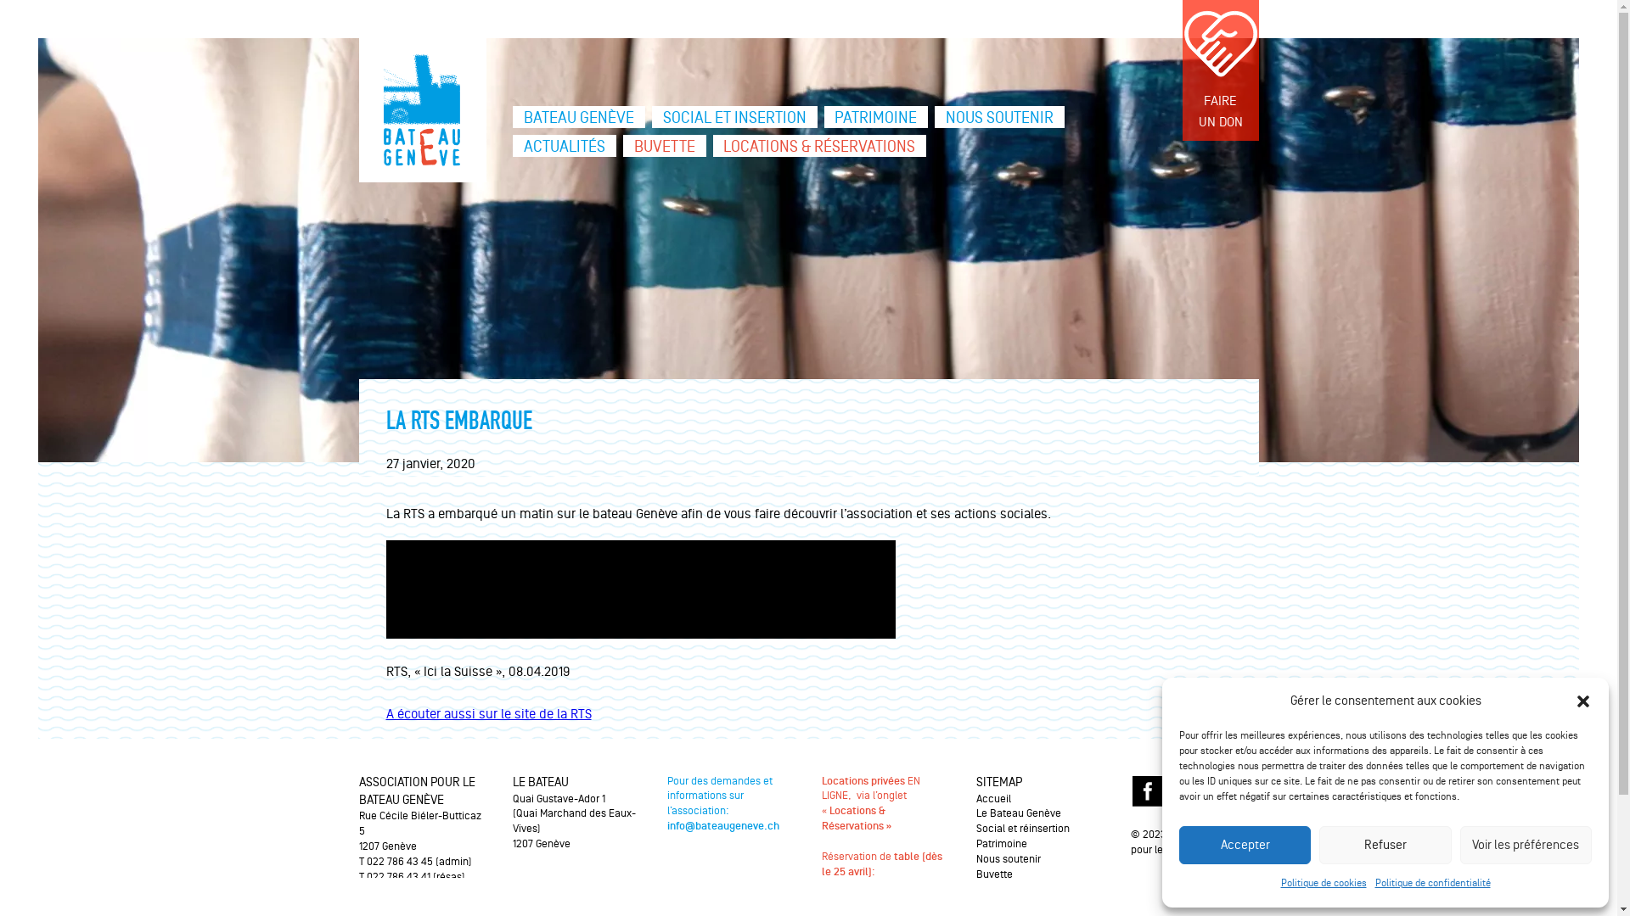 The image size is (1630, 916). I want to click on 'Refuser', so click(1318, 845).